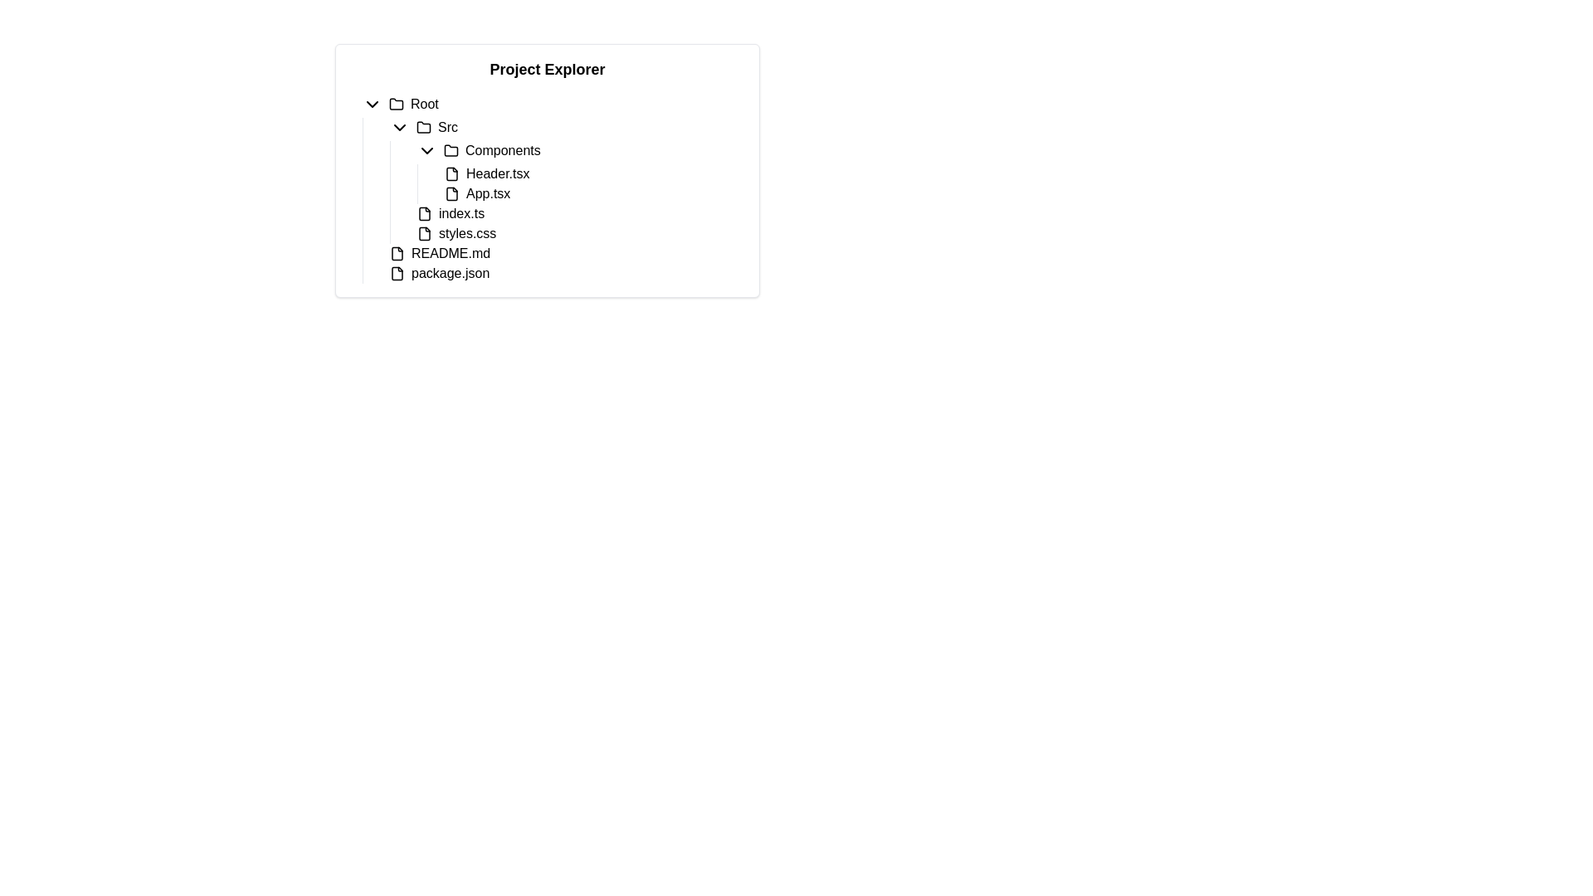 The height and width of the screenshot is (896, 1593). What do you see at coordinates (397, 273) in the screenshot?
I see `the graphical file icon located` at bounding box center [397, 273].